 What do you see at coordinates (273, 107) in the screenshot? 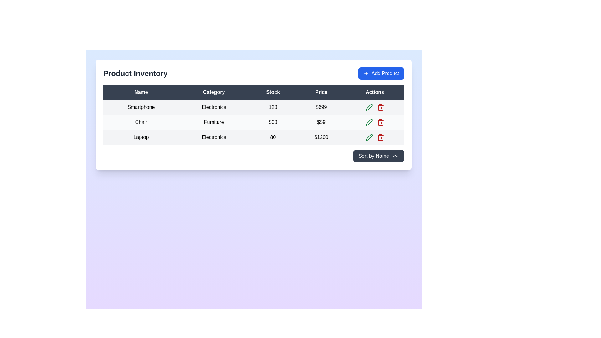
I see `the text displaying the quantity of stock available for the item in the first row of the table, located in the third column under the 'Stock' header` at bounding box center [273, 107].